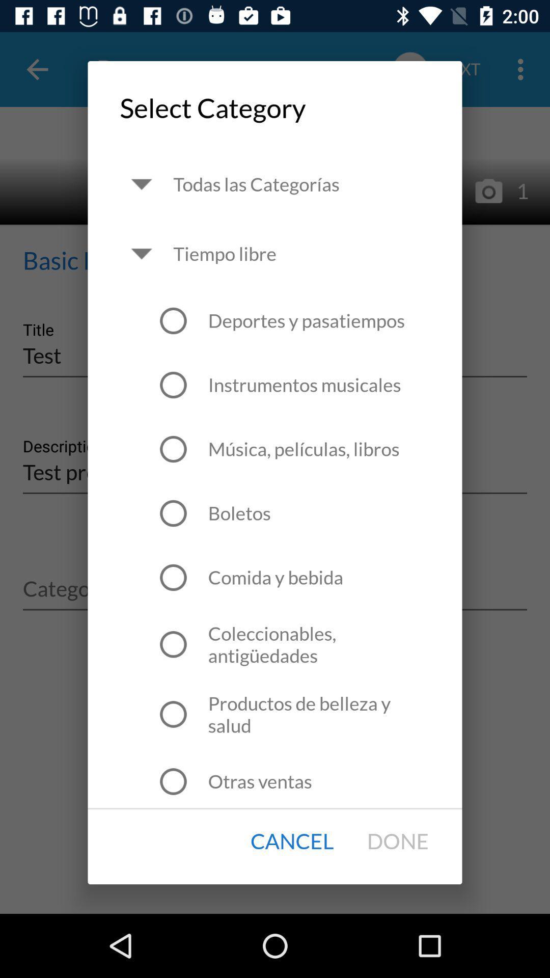 Image resolution: width=550 pixels, height=978 pixels. What do you see at coordinates (397, 841) in the screenshot?
I see `icon next to cancel` at bounding box center [397, 841].